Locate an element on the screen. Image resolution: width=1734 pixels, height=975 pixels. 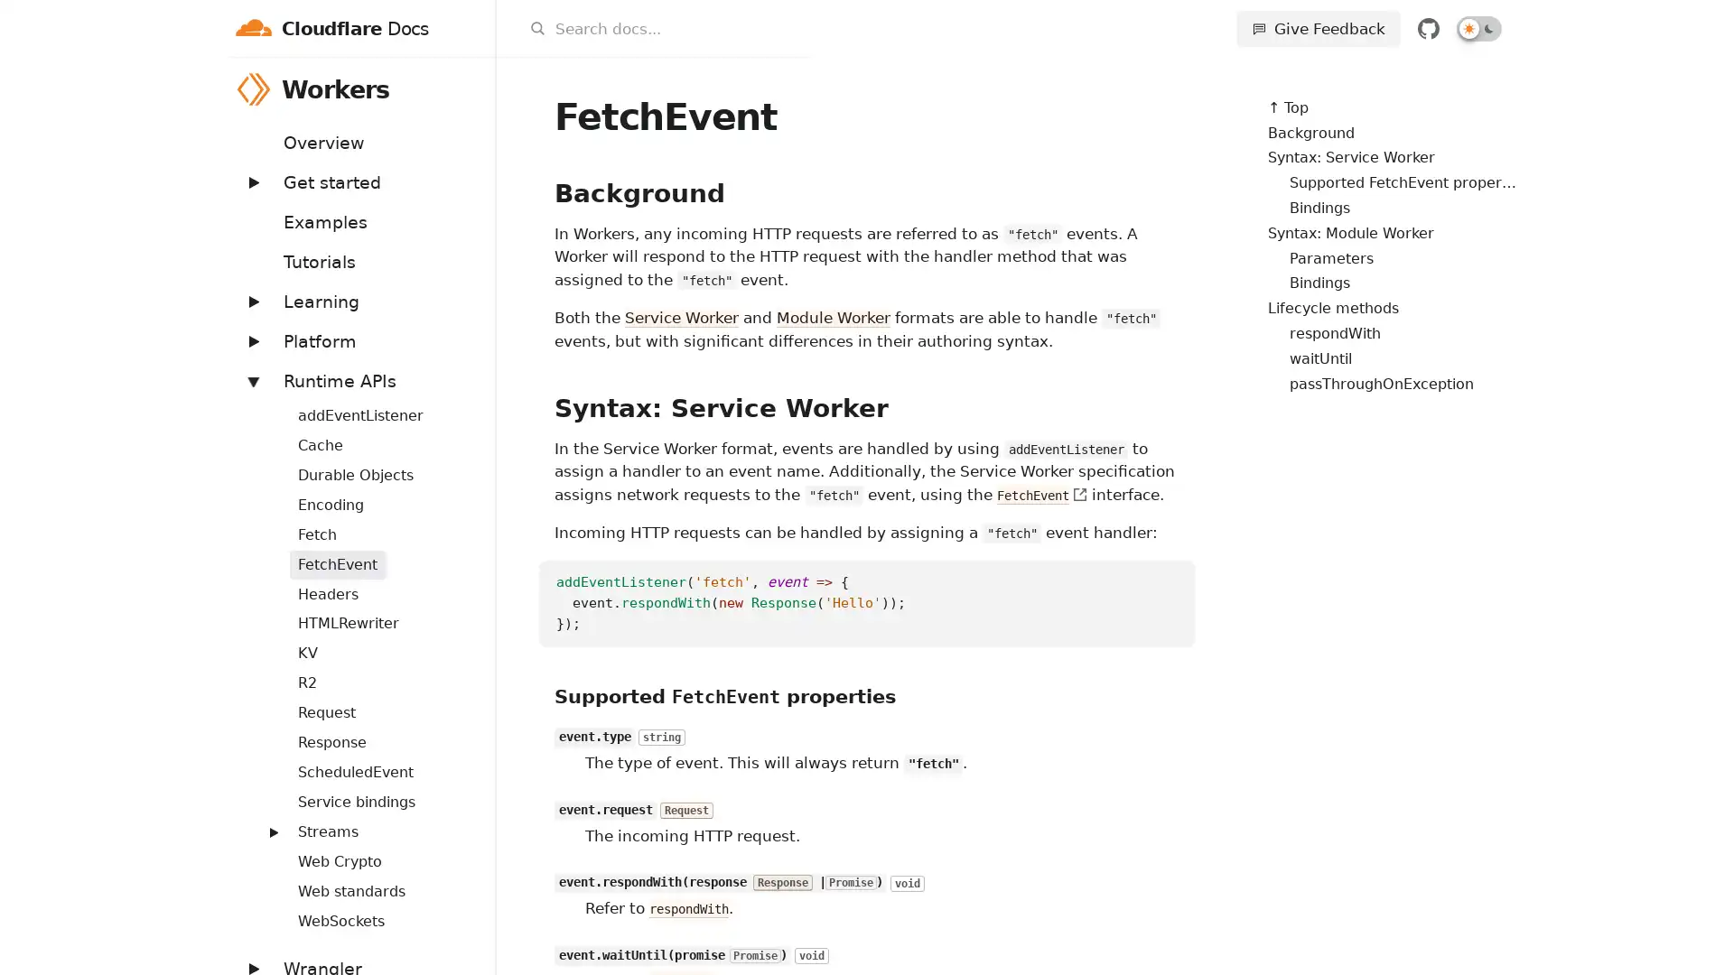
Expand: Learning is located at coordinates (251, 300).